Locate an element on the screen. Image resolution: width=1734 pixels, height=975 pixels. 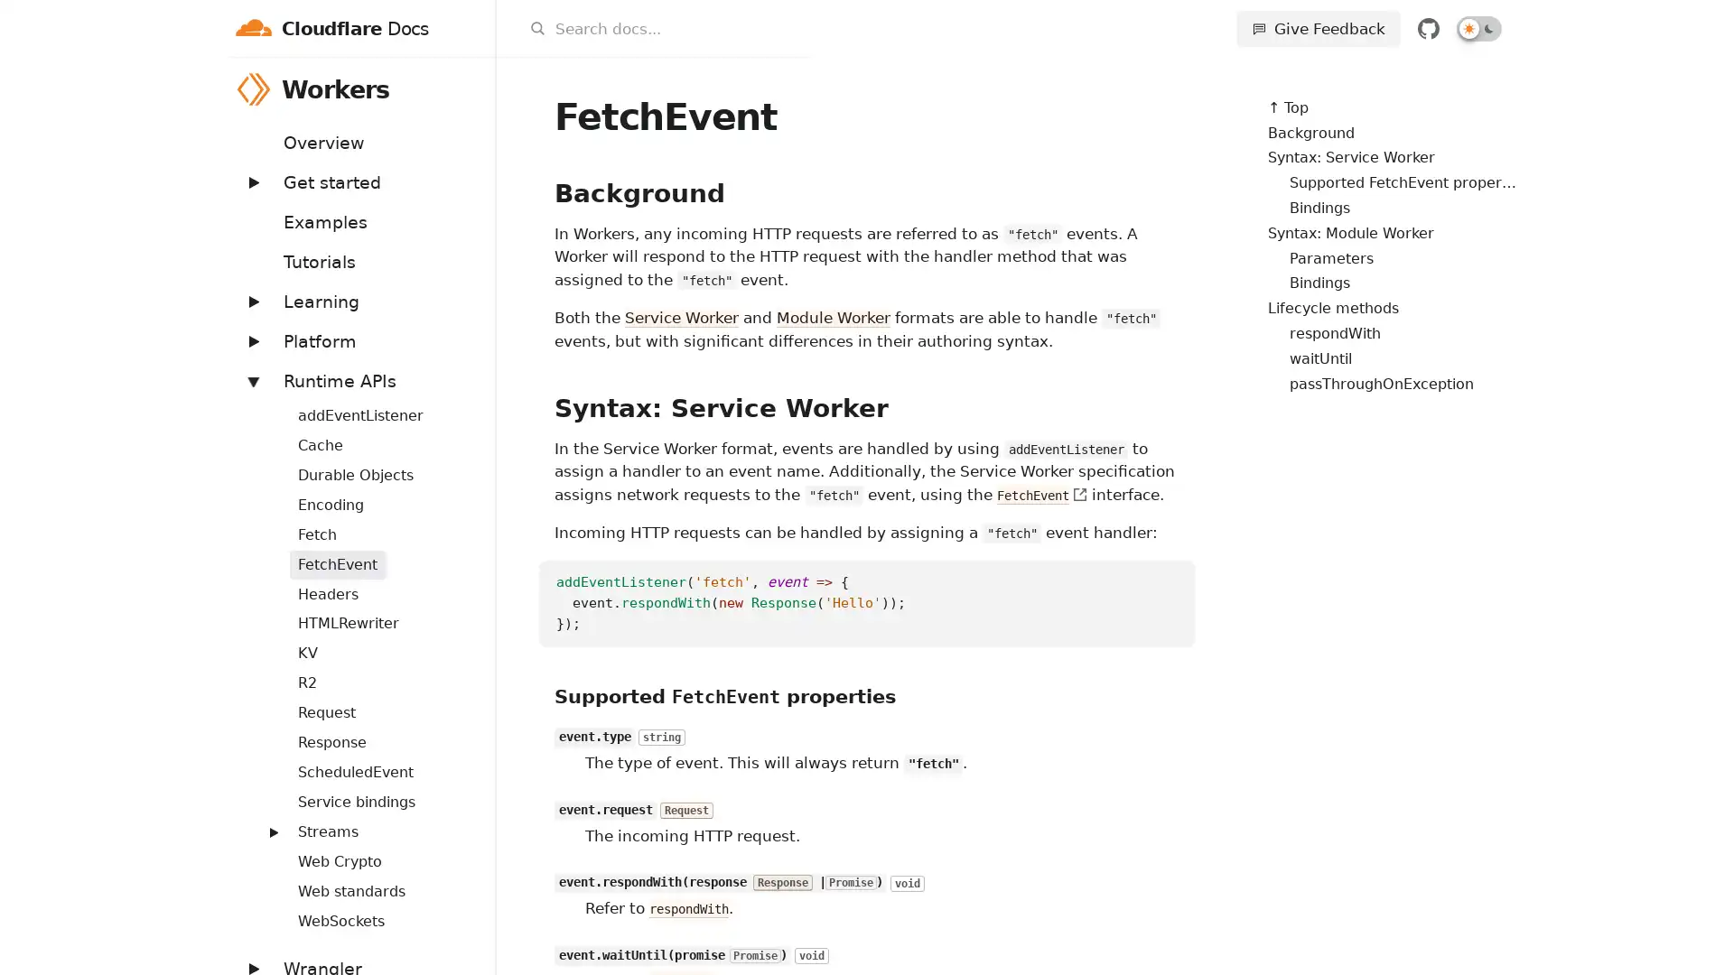
Expand: Learning is located at coordinates (251, 300).